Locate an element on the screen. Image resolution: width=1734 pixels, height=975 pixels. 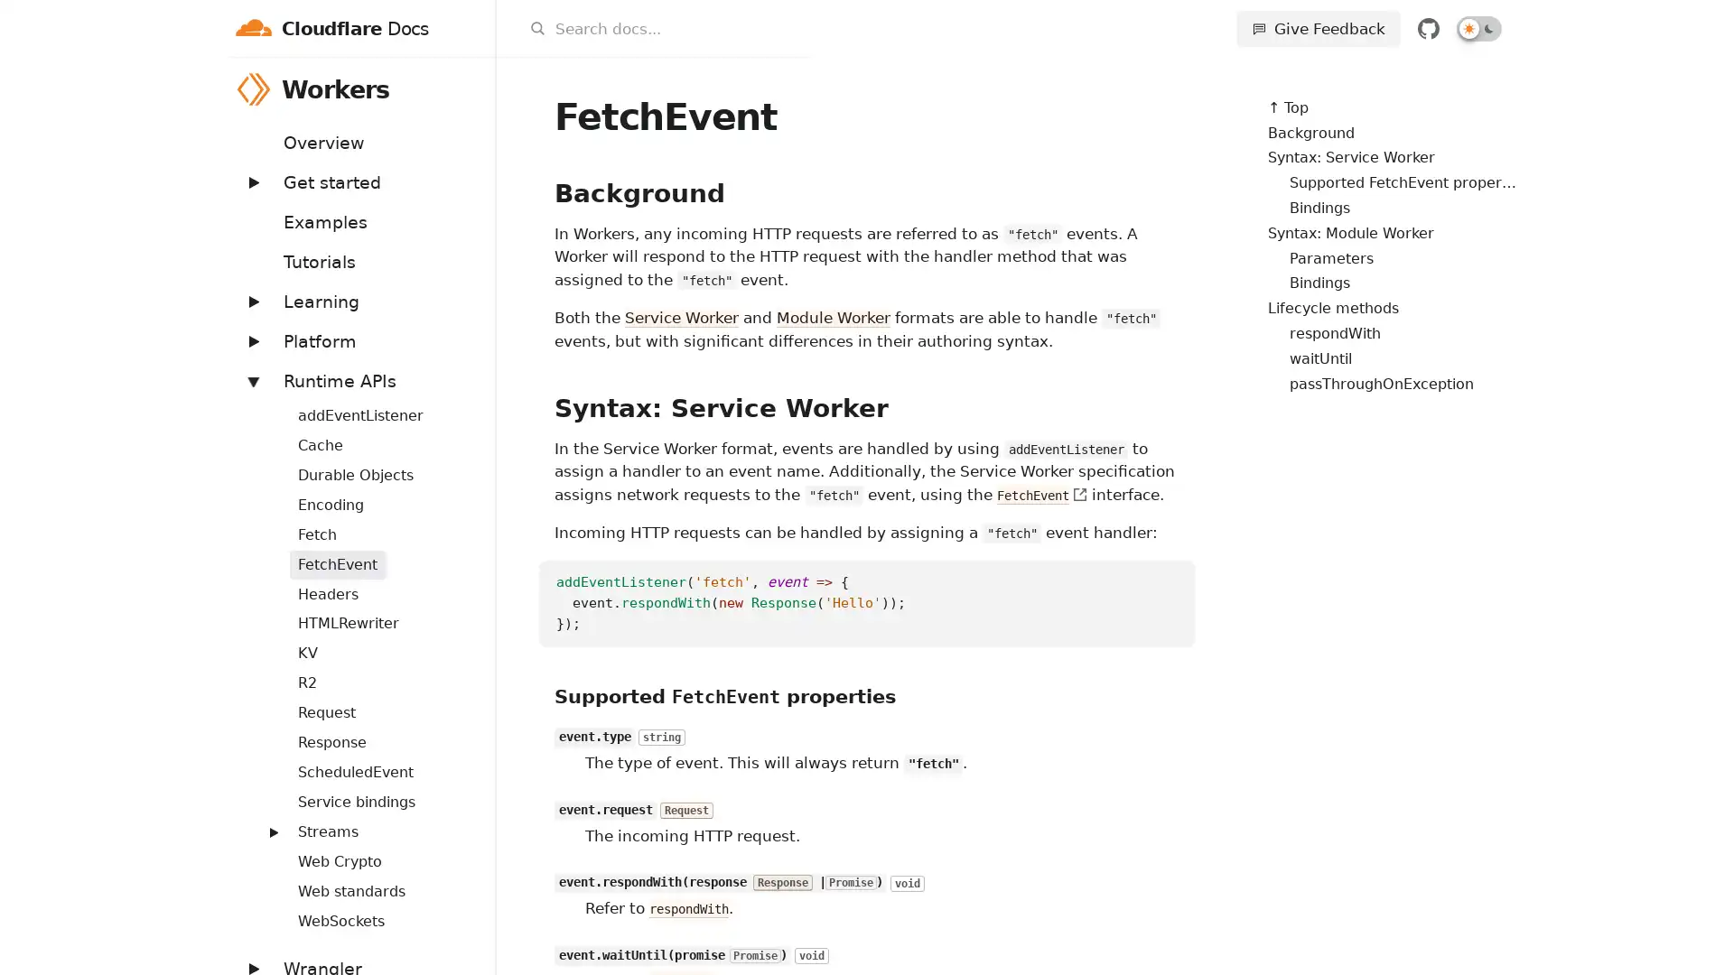
Expand: Learning is located at coordinates (251, 300).